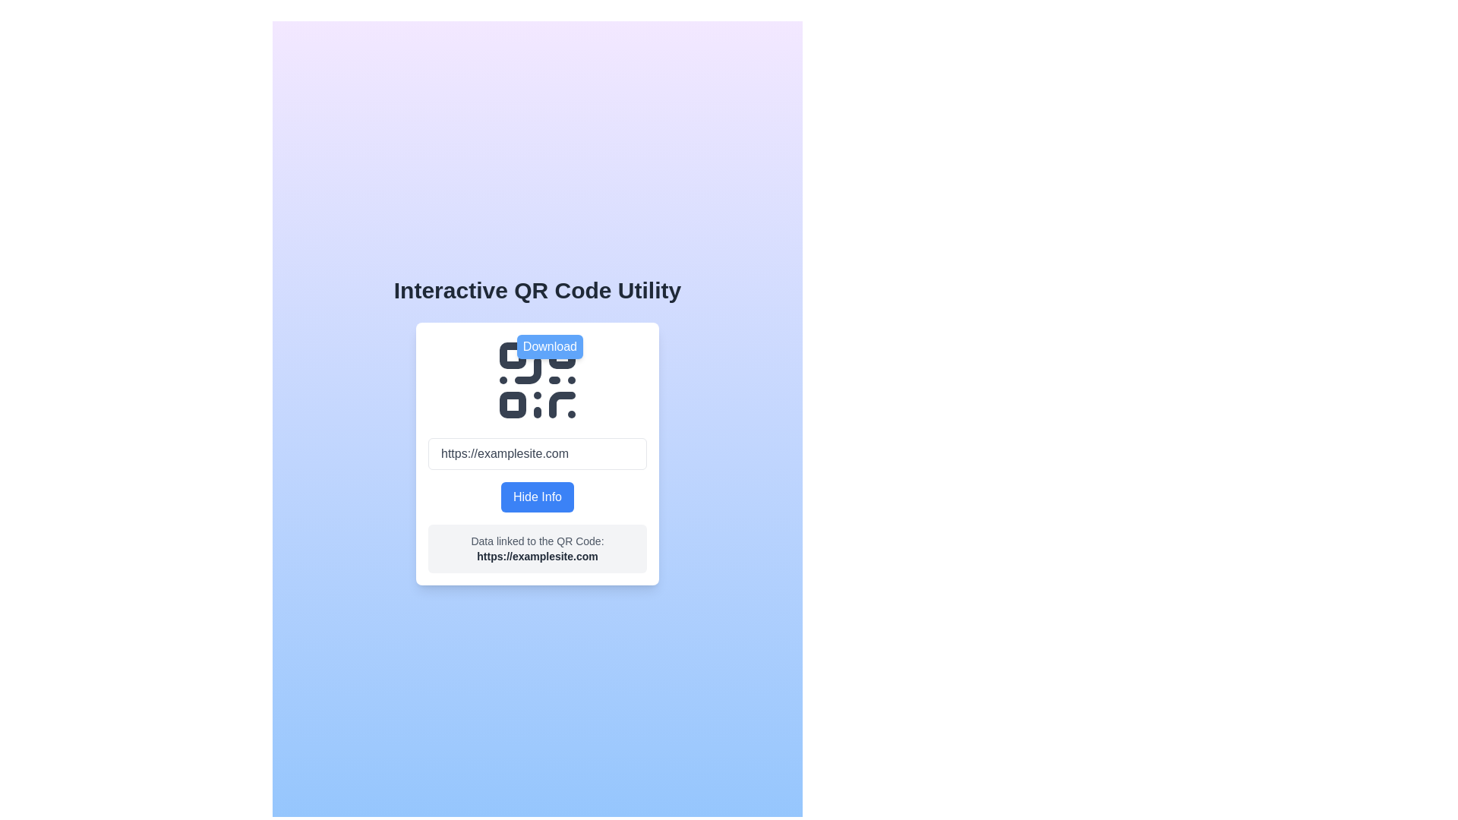  Describe the element at coordinates (538, 453) in the screenshot. I see `the text input field located below the QR code graphic to focus it for editing the URL` at that location.